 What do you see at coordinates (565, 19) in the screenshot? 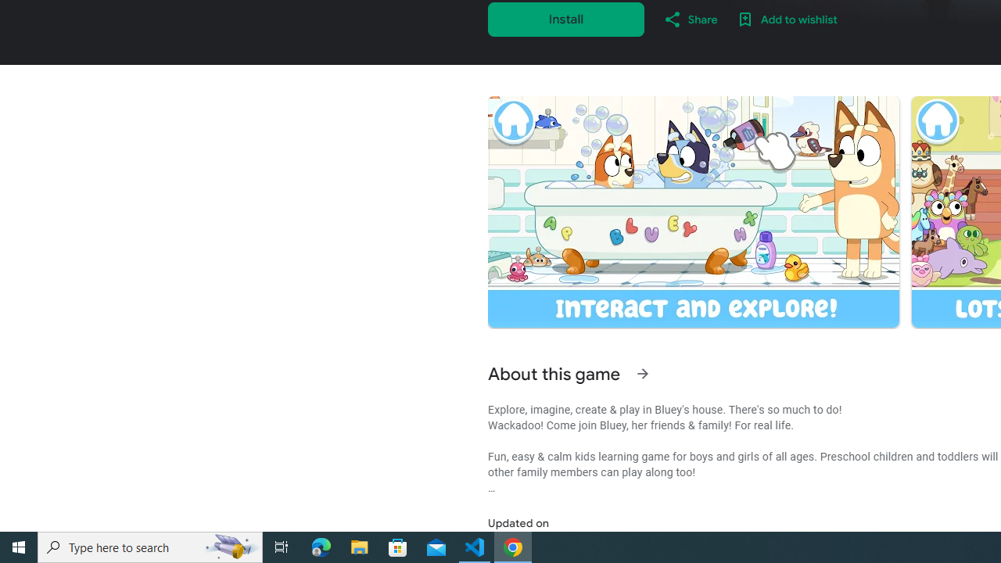
I see `'Install'` at bounding box center [565, 19].